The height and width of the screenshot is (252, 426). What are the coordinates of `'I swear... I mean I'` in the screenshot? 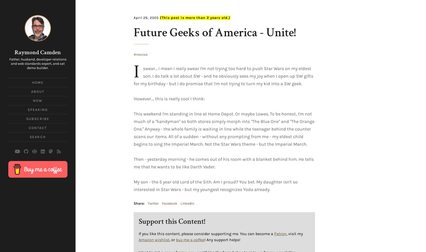 It's located at (133, 72).